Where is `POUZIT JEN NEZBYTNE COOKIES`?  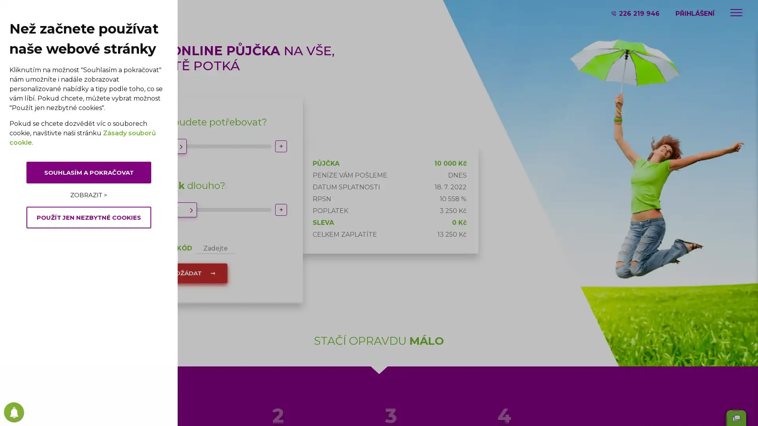
POUZIT JEN NEZBYTNE COOKIES is located at coordinates (89, 217).